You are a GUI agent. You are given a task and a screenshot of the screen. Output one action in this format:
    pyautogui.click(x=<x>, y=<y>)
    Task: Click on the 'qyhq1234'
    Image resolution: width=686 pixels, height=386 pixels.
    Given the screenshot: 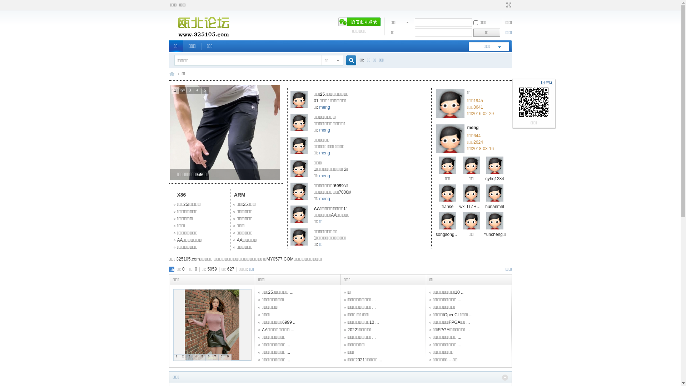 What is the action you would take?
    pyautogui.click(x=494, y=178)
    